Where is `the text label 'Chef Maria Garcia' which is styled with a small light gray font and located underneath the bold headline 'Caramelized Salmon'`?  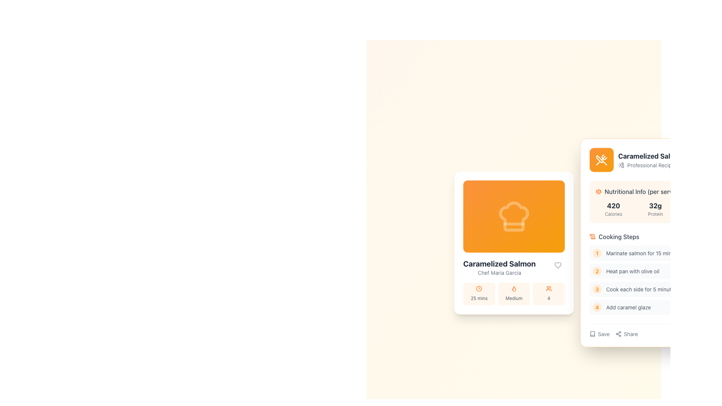
the text label 'Chef Maria Garcia' which is styled with a small light gray font and located underneath the bold headline 'Caramelized Salmon' is located at coordinates (499, 273).